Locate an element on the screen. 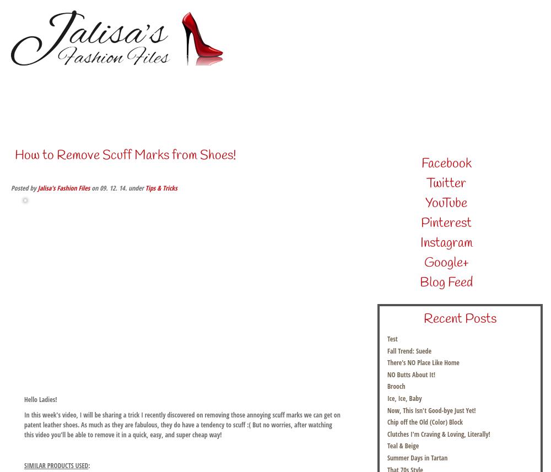 This screenshot has width=551, height=472. 'Google+' is located at coordinates (446, 263).